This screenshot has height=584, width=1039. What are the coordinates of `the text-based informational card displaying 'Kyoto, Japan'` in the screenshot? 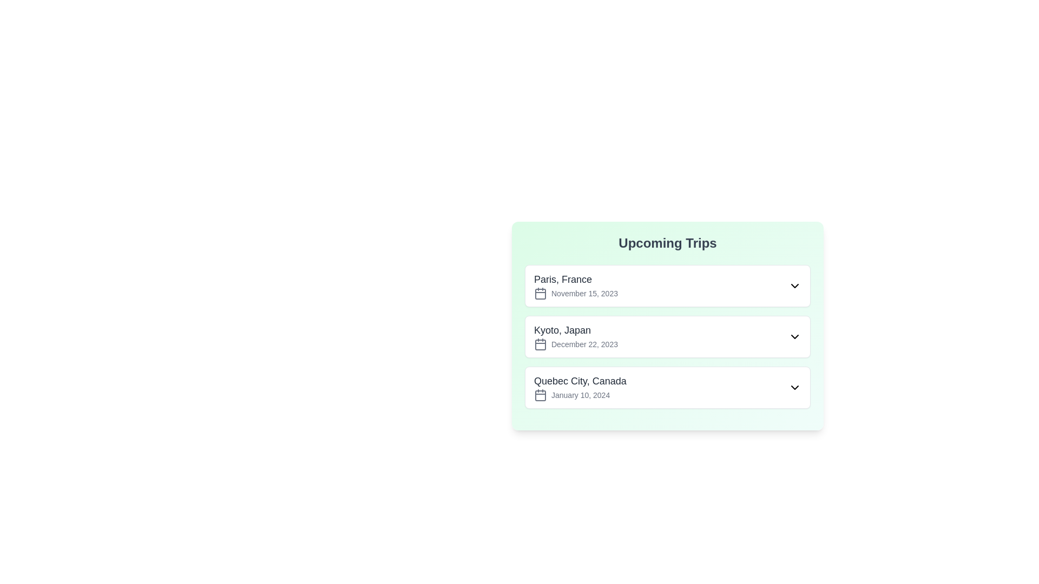 It's located at (575, 336).